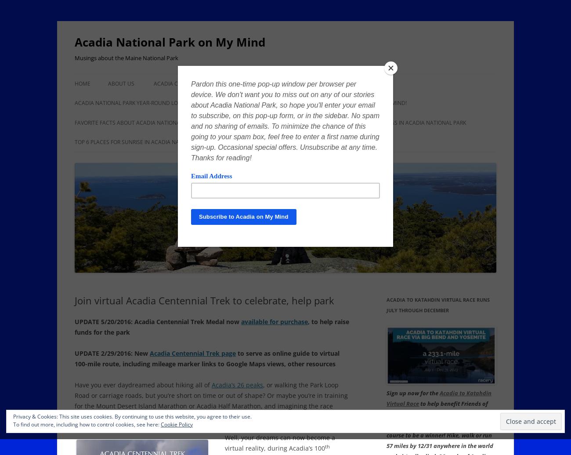 The height and width of the screenshot is (455, 571). What do you see at coordinates (153, 83) in the screenshot?
I see `'Acadia Centennial Partners'` at bounding box center [153, 83].